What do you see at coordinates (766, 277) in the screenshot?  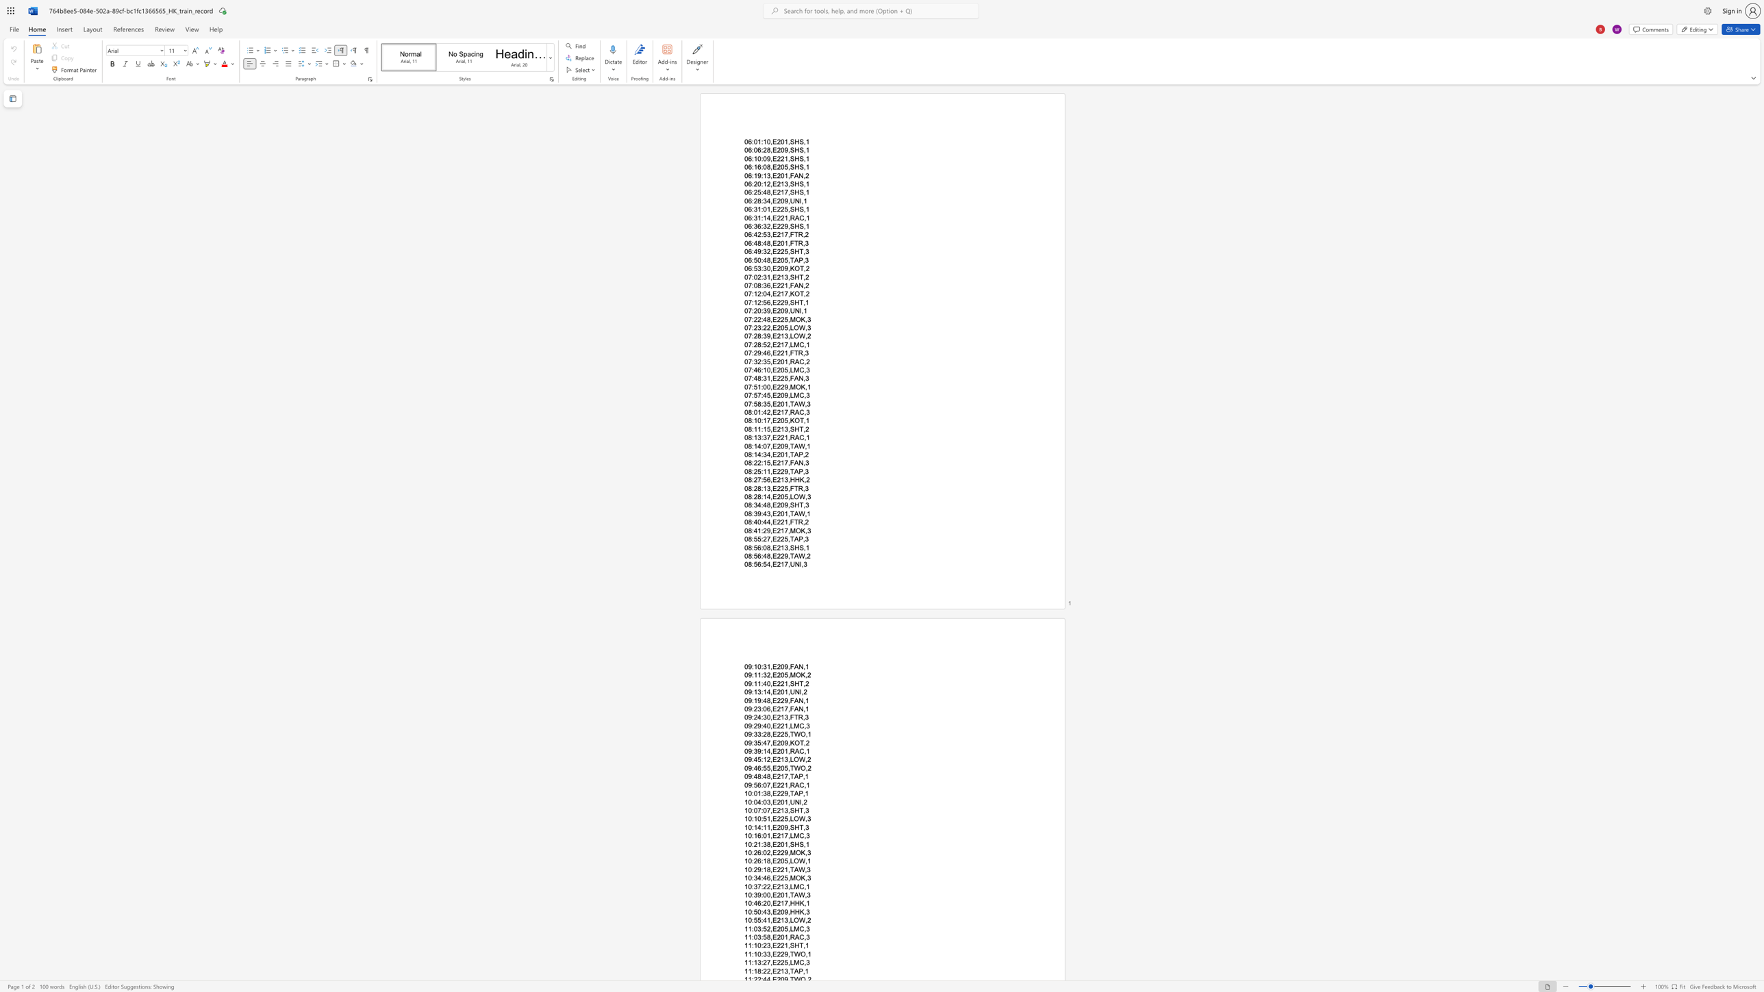 I see `the space between the continuous character "3" and "1" in the text` at bounding box center [766, 277].